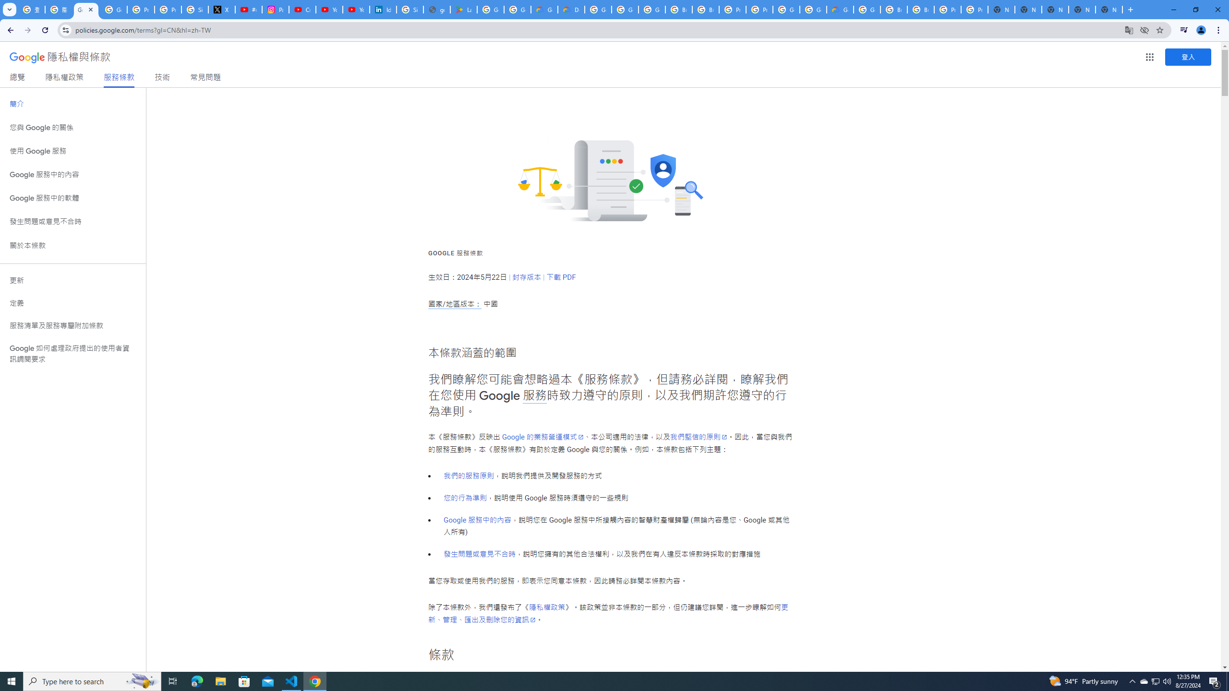  Describe the element at coordinates (356, 9) in the screenshot. I see `'YouTube Culture & Trends - YouTube Top 10, 2021'` at that location.